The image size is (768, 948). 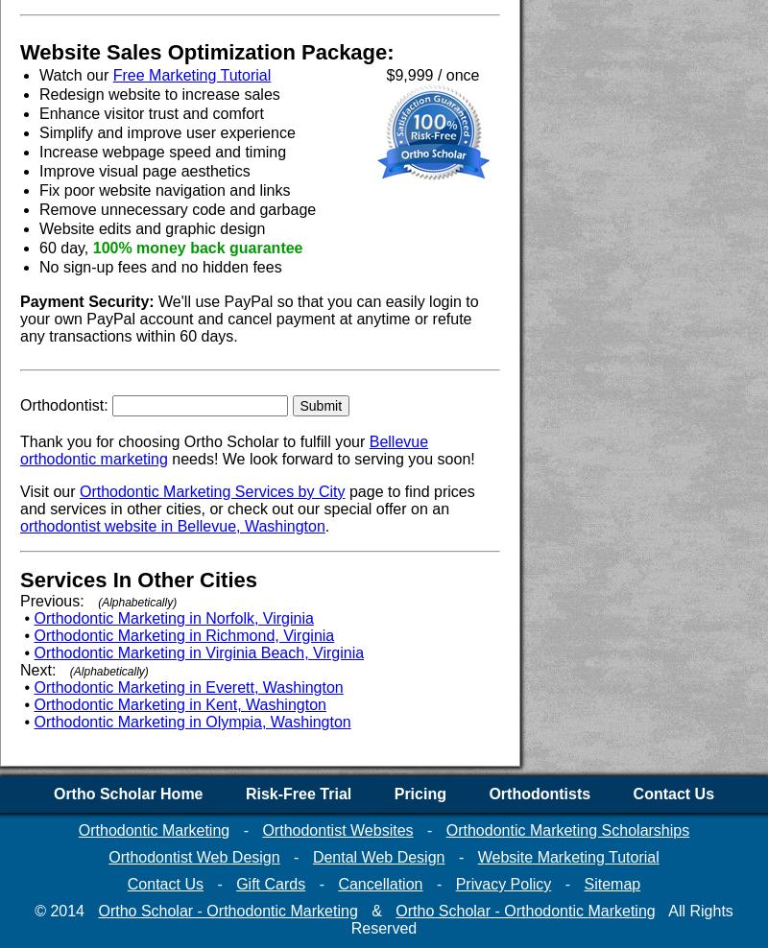 I want to click on '© 2014', so click(x=60, y=911).